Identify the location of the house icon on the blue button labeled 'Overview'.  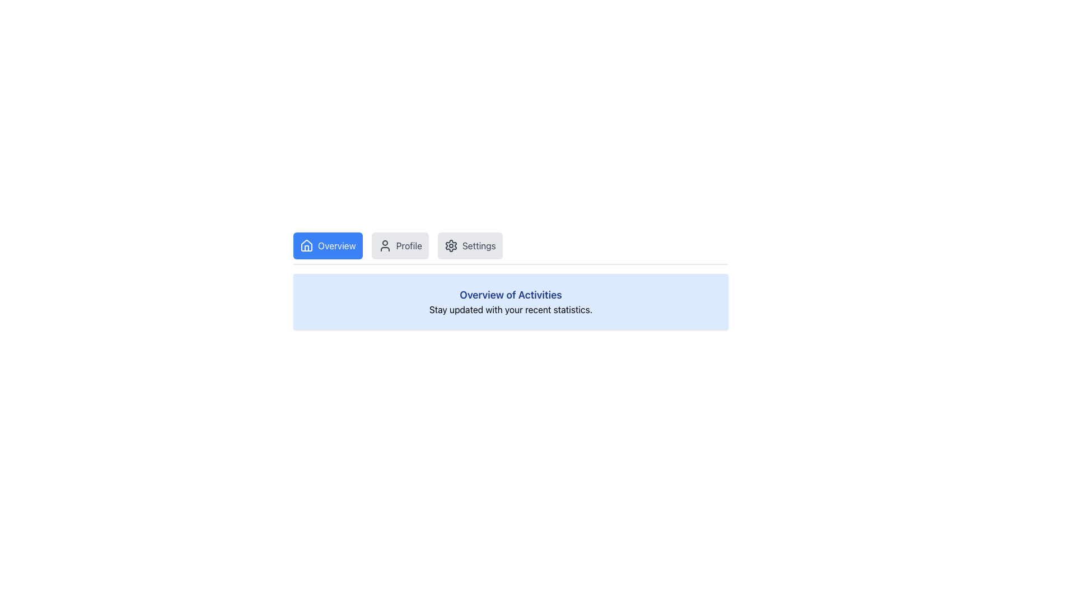
(306, 245).